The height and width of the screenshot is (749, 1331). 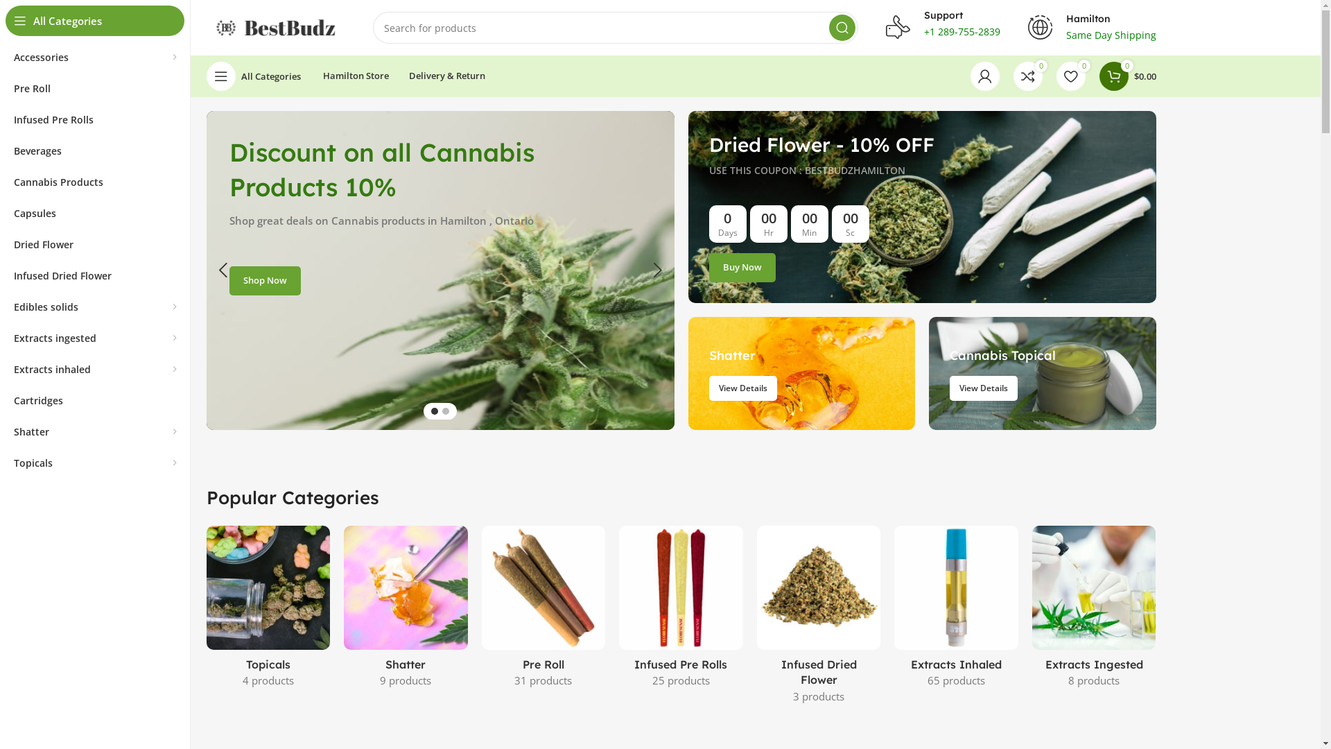 I want to click on 'View Details', so click(x=948, y=388).